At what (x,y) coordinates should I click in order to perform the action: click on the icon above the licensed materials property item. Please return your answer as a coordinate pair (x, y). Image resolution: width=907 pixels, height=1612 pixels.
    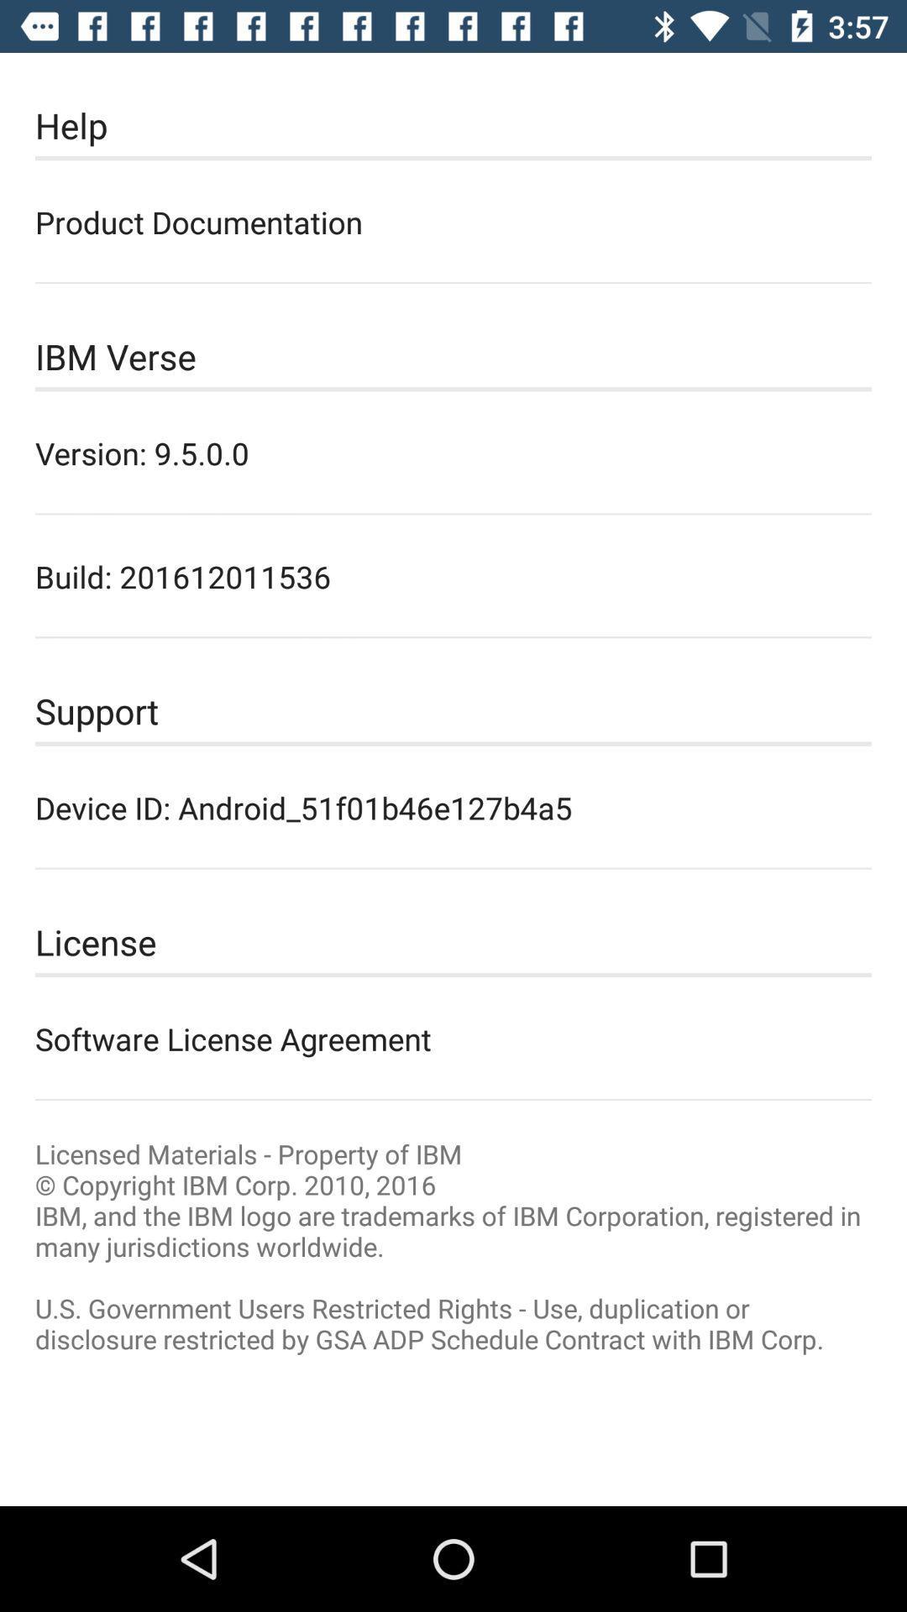
    Looking at the image, I should click on (453, 1038).